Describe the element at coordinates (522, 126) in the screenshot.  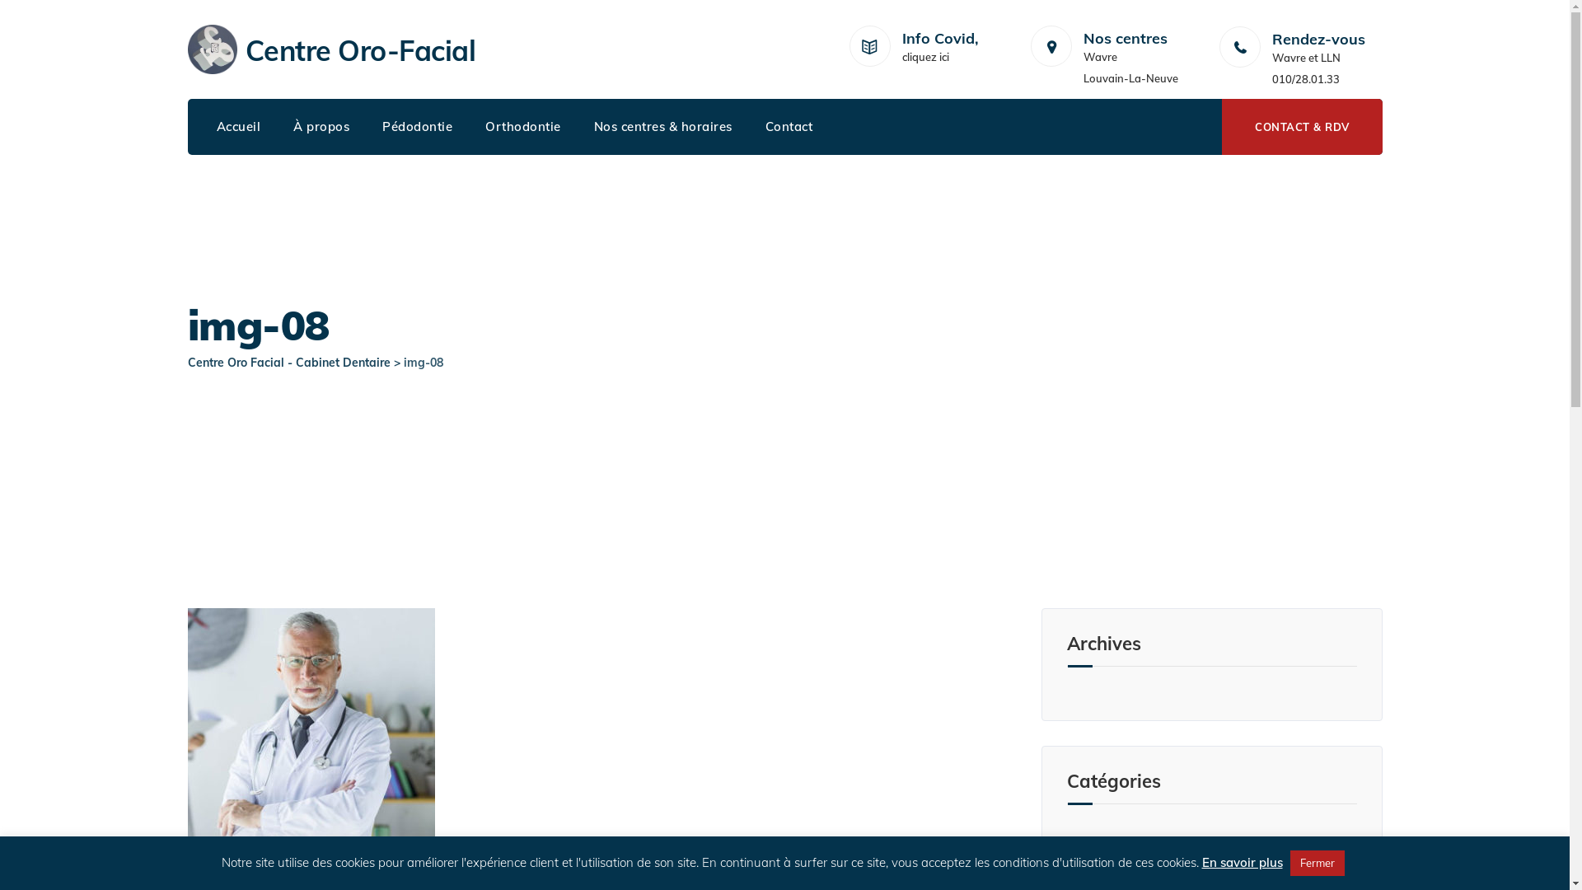
I see `'Orthodontie'` at that location.